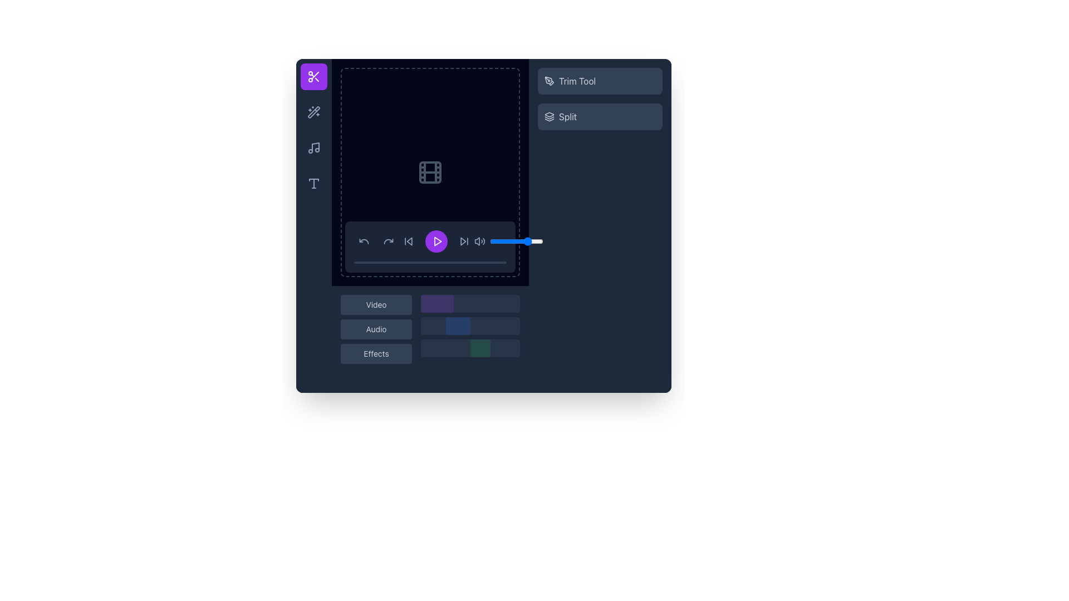 The width and height of the screenshot is (1069, 601). What do you see at coordinates (514, 241) in the screenshot?
I see `the slider value` at bounding box center [514, 241].